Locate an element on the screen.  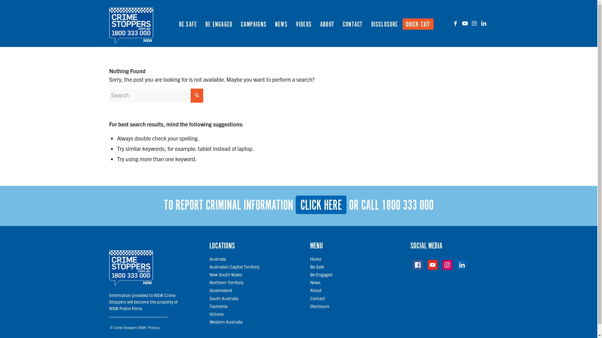
'NEWS' is located at coordinates (281, 23).